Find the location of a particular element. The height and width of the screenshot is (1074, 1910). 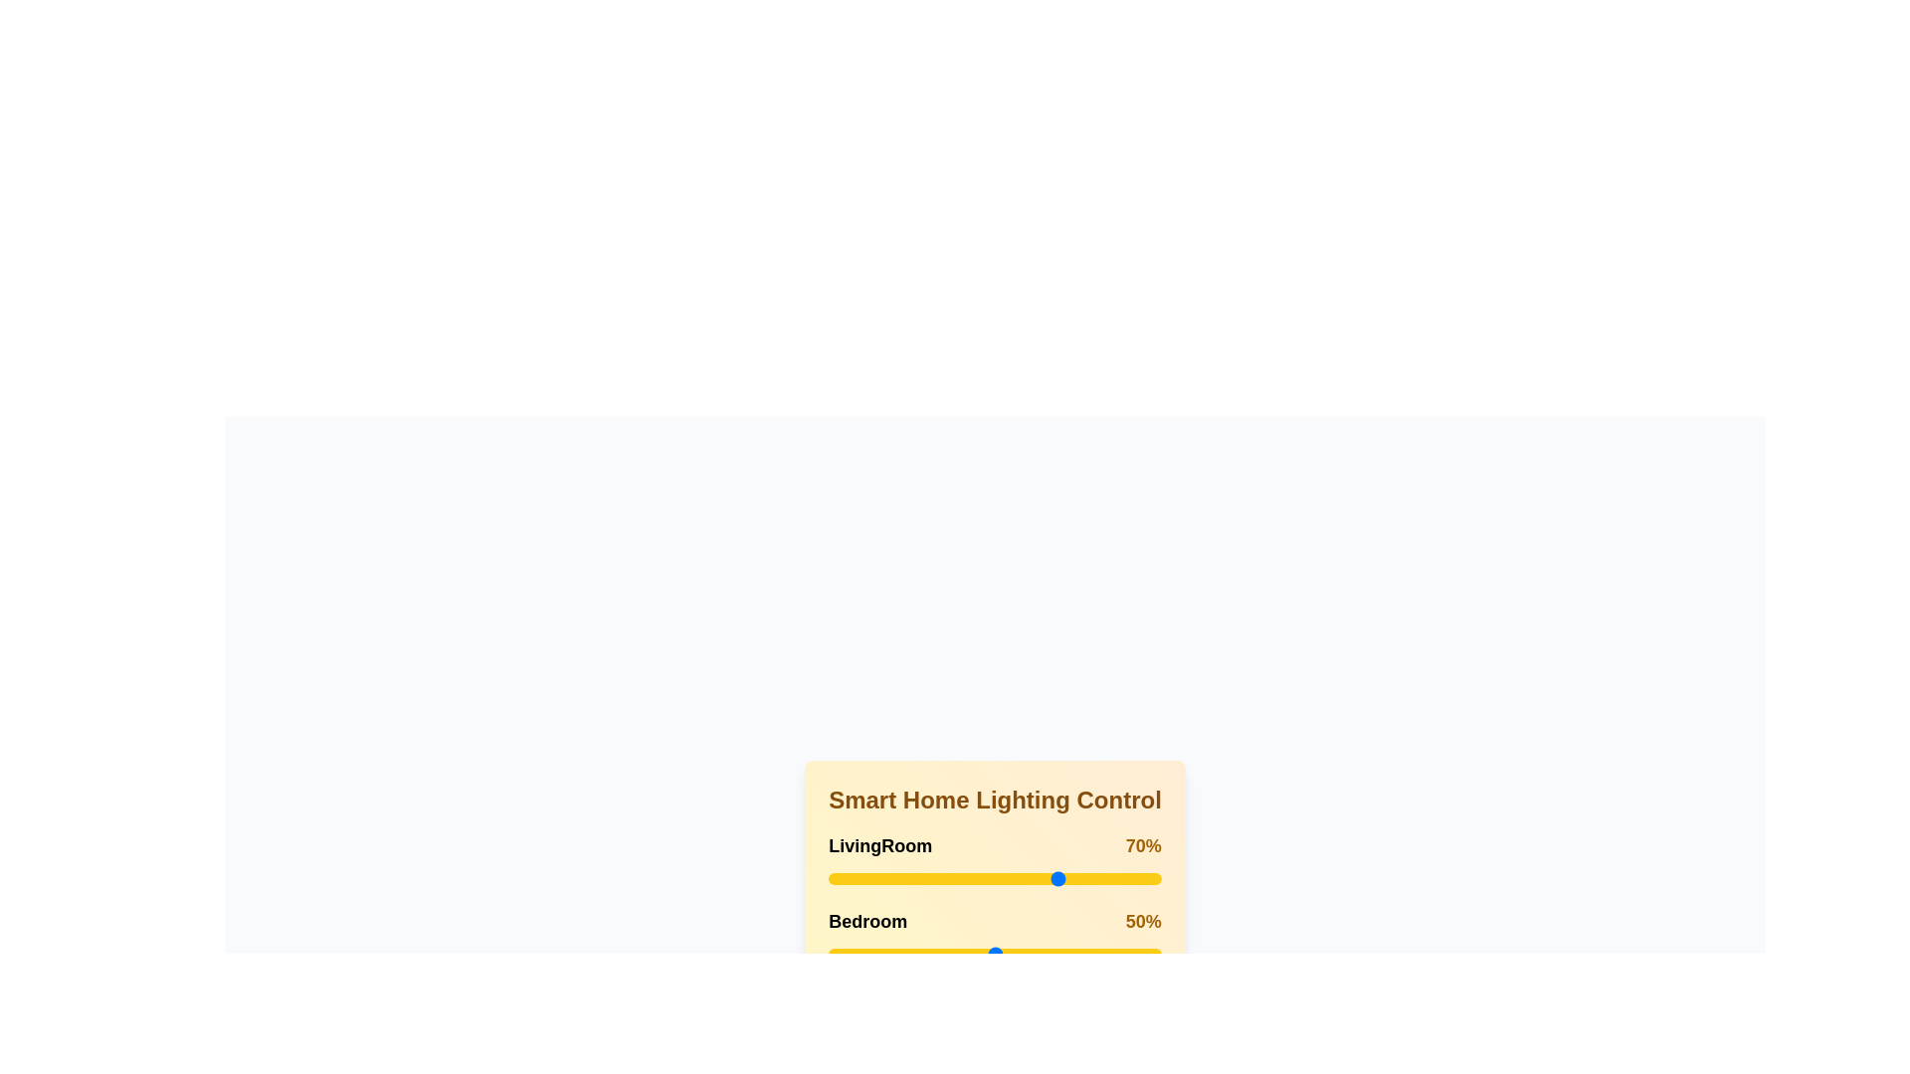

the Living Room lighting level is located at coordinates (1086, 877).